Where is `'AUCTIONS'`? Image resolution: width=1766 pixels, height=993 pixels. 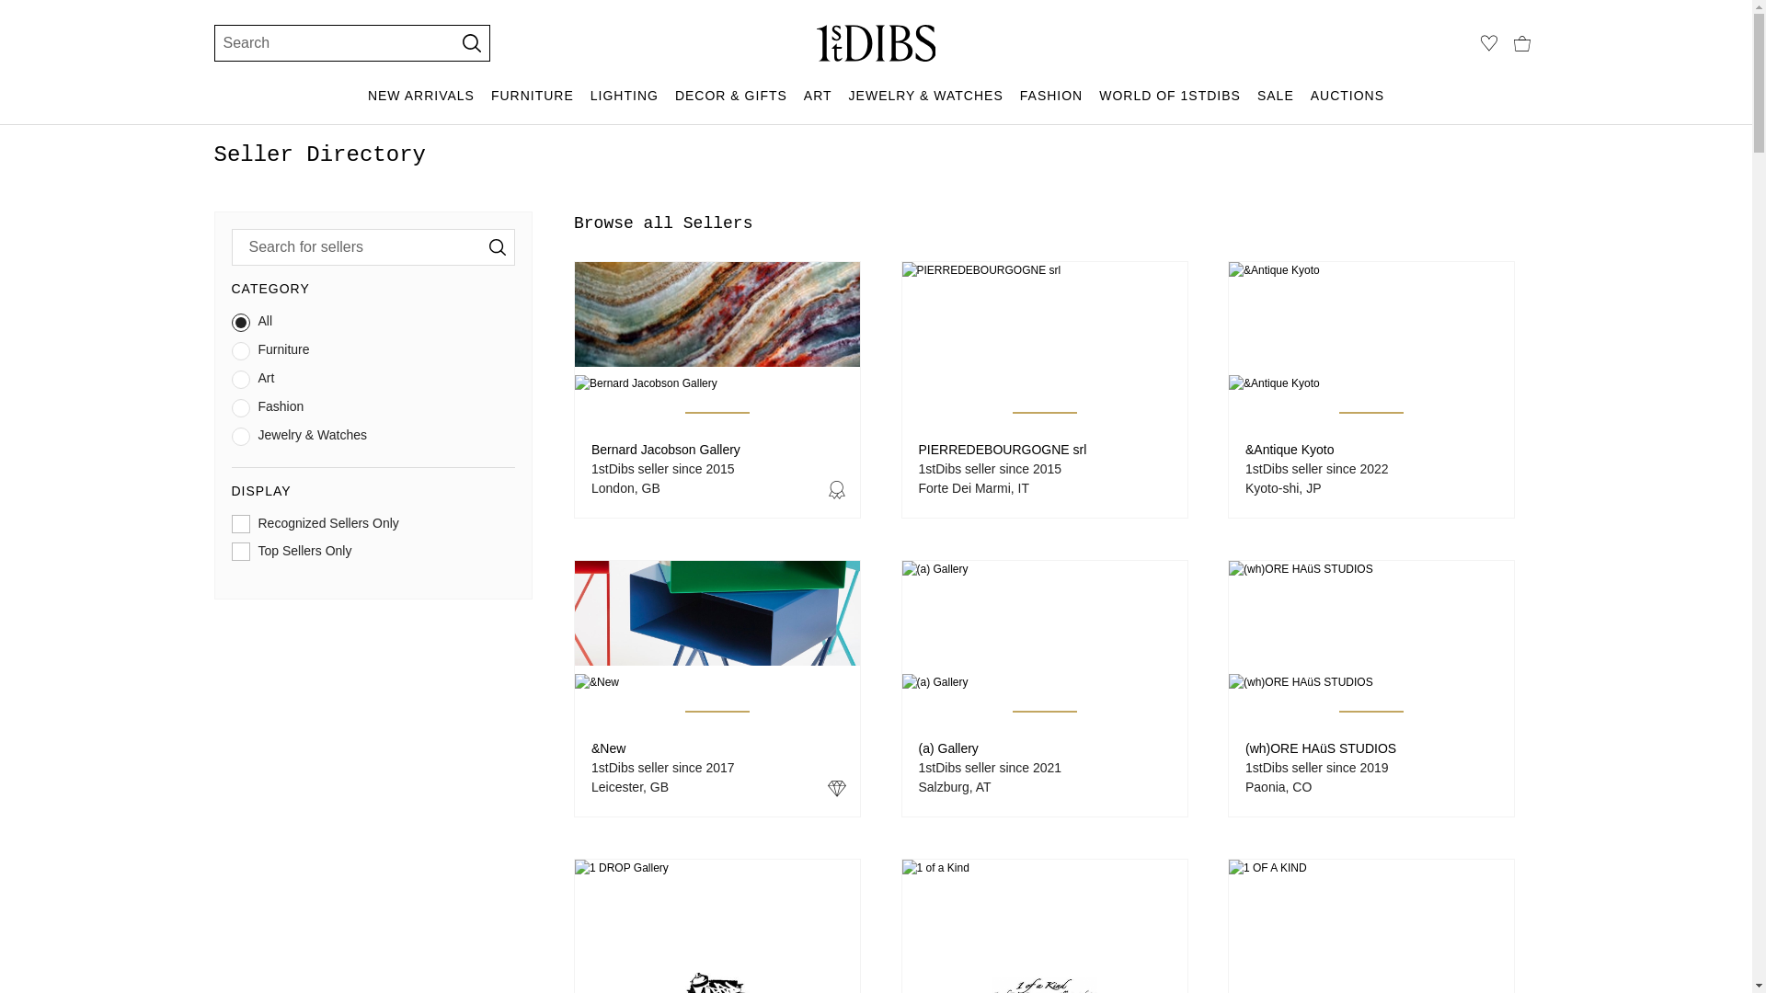
'AUCTIONS' is located at coordinates (1347, 105).